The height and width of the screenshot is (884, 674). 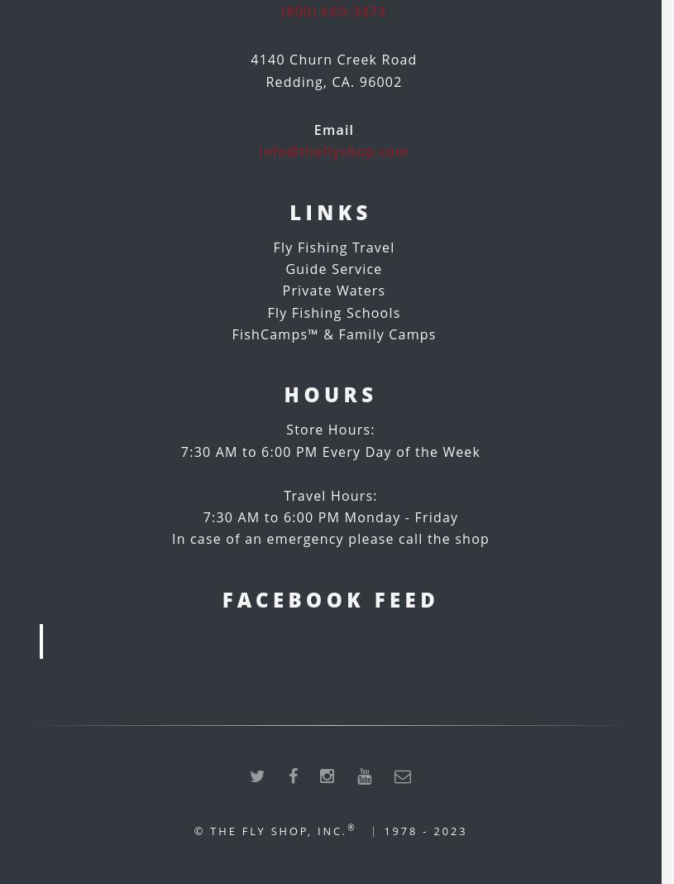 What do you see at coordinates (345, 640) in the screenshot?
I see `'The Fly Shop'` at bounding box center [345, 640].